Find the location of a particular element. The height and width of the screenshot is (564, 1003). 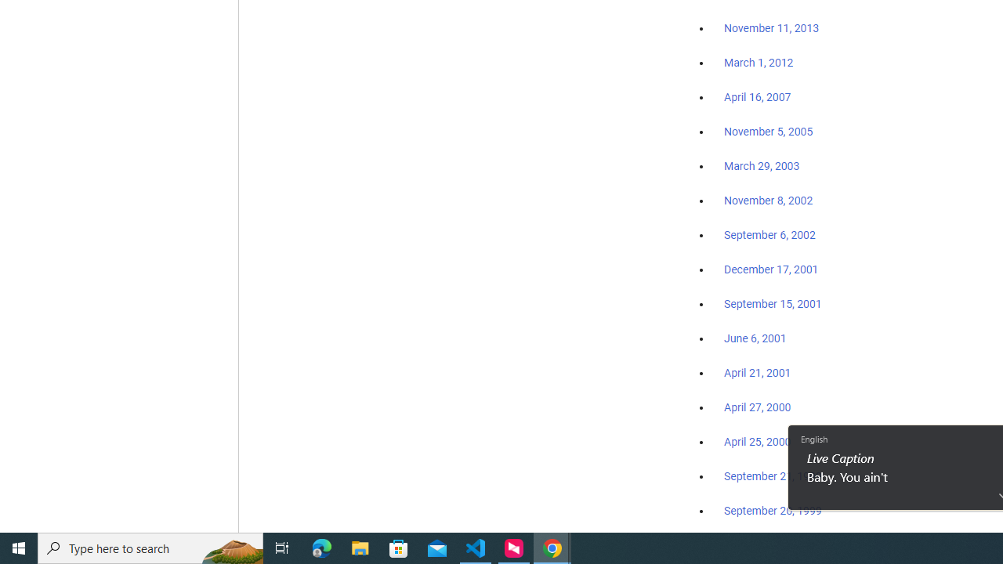

'December 17, 2001' is located at coordinates (771, 268).